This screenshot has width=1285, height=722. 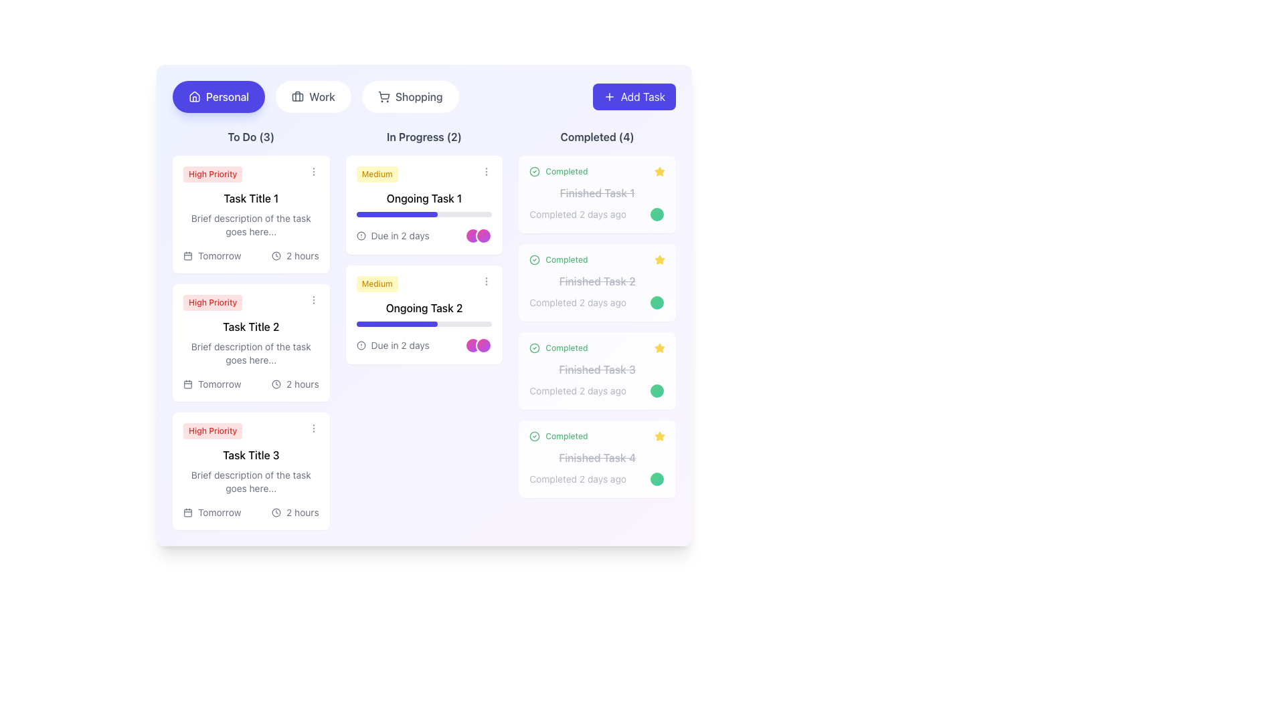 I want to click on the clock-shaped icon located in the 'To Do' section, positioned before the text '2 hours', so click(x=276, y=255).